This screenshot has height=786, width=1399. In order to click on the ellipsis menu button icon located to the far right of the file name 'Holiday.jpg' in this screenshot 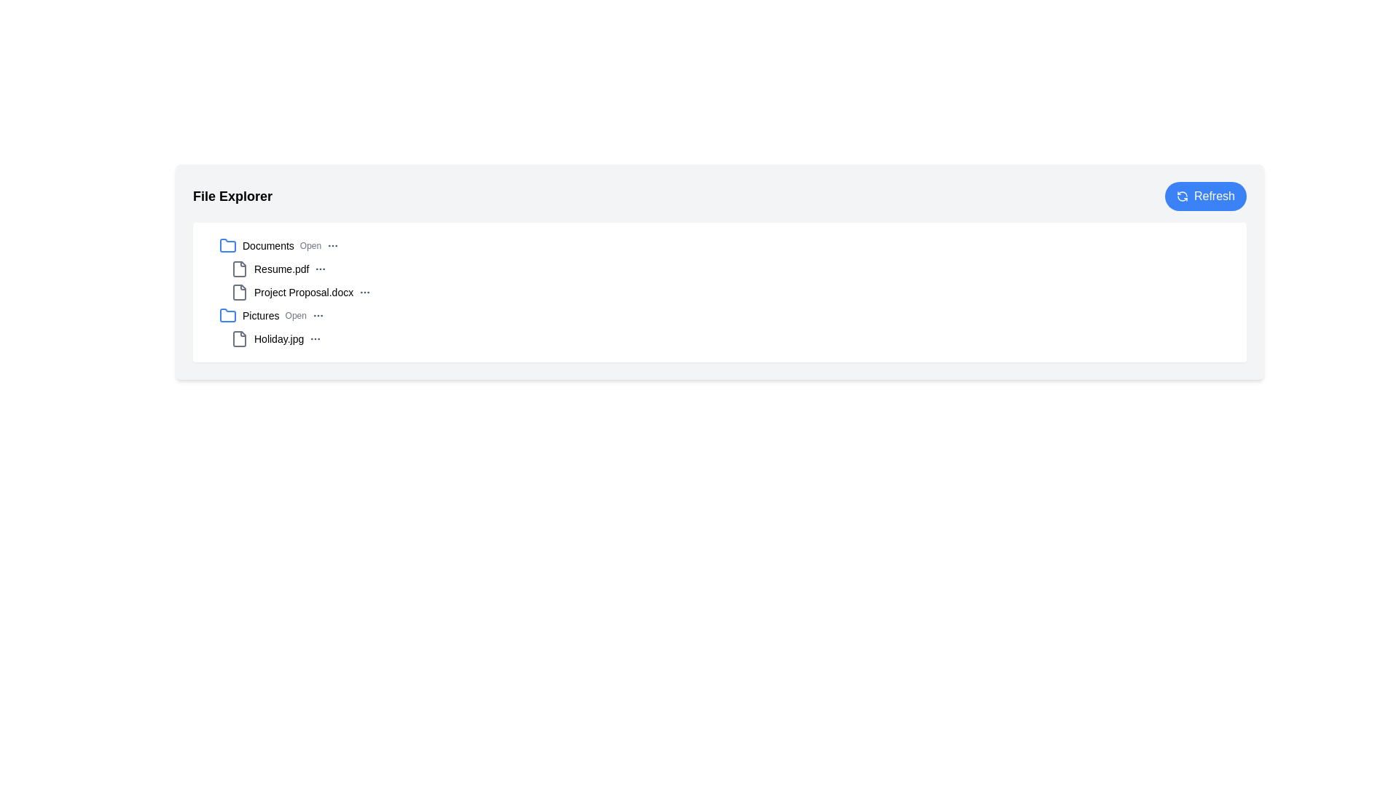, I will do `click(315, 339)`.